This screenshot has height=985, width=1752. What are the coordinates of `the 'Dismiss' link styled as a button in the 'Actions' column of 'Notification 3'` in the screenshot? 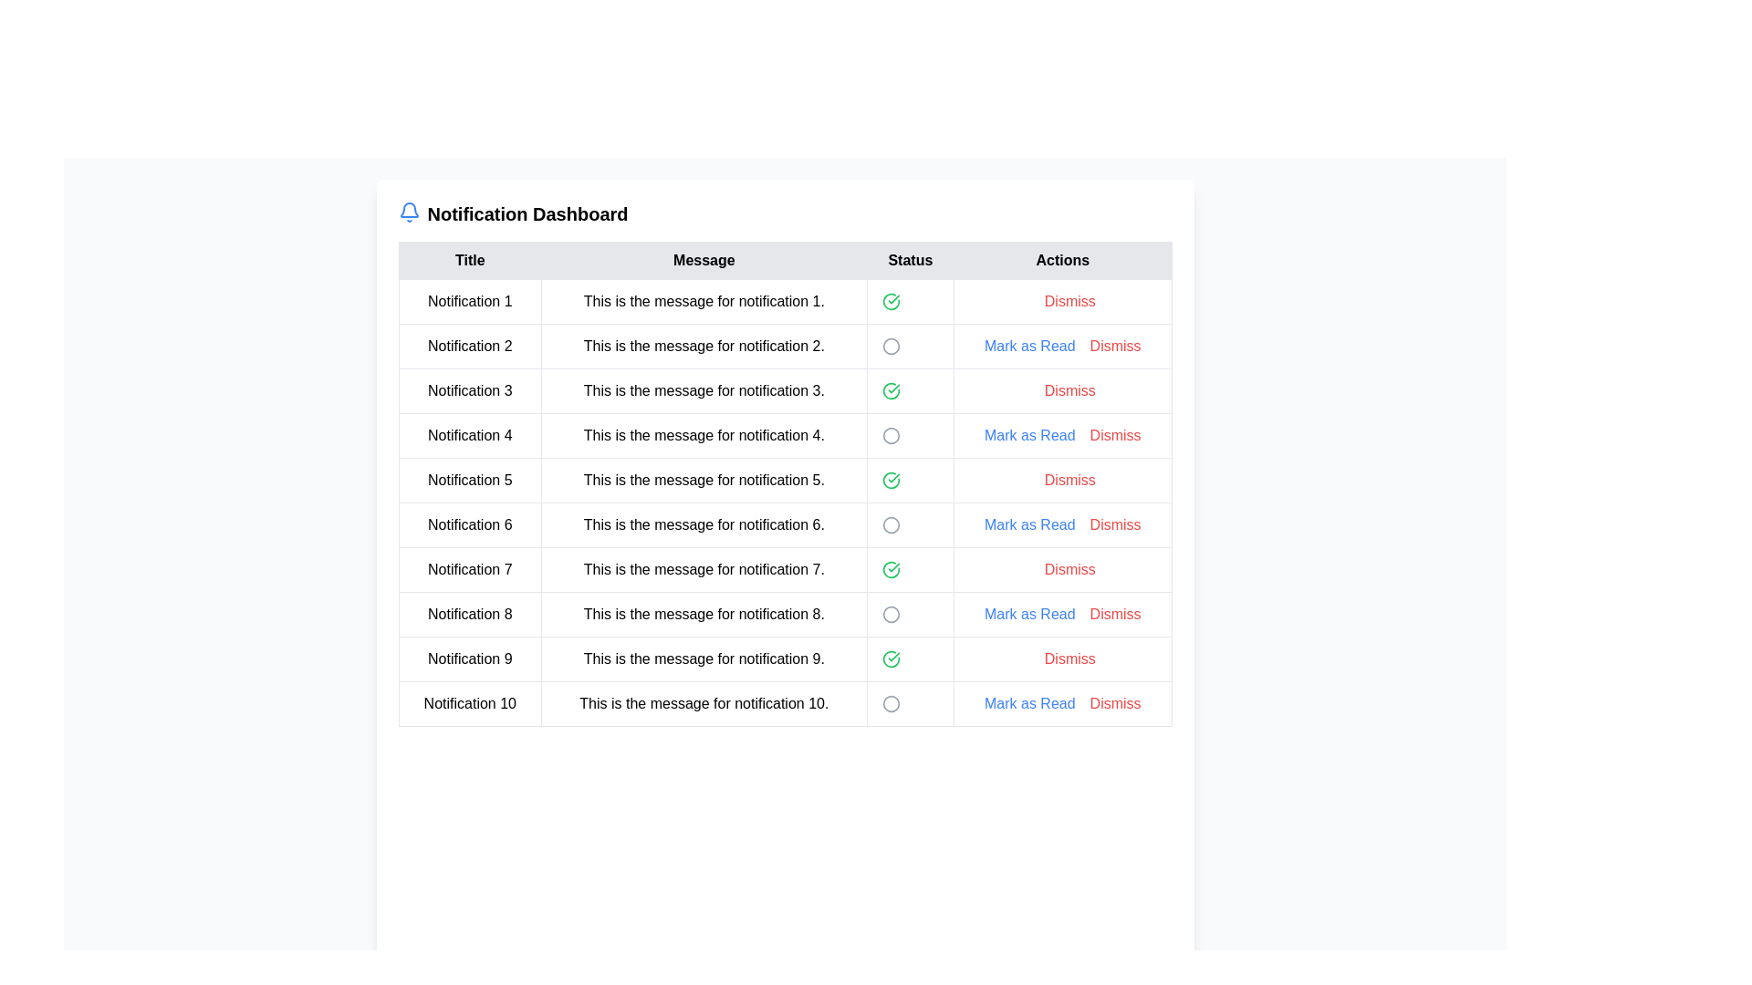 It's located at (1061, 389).